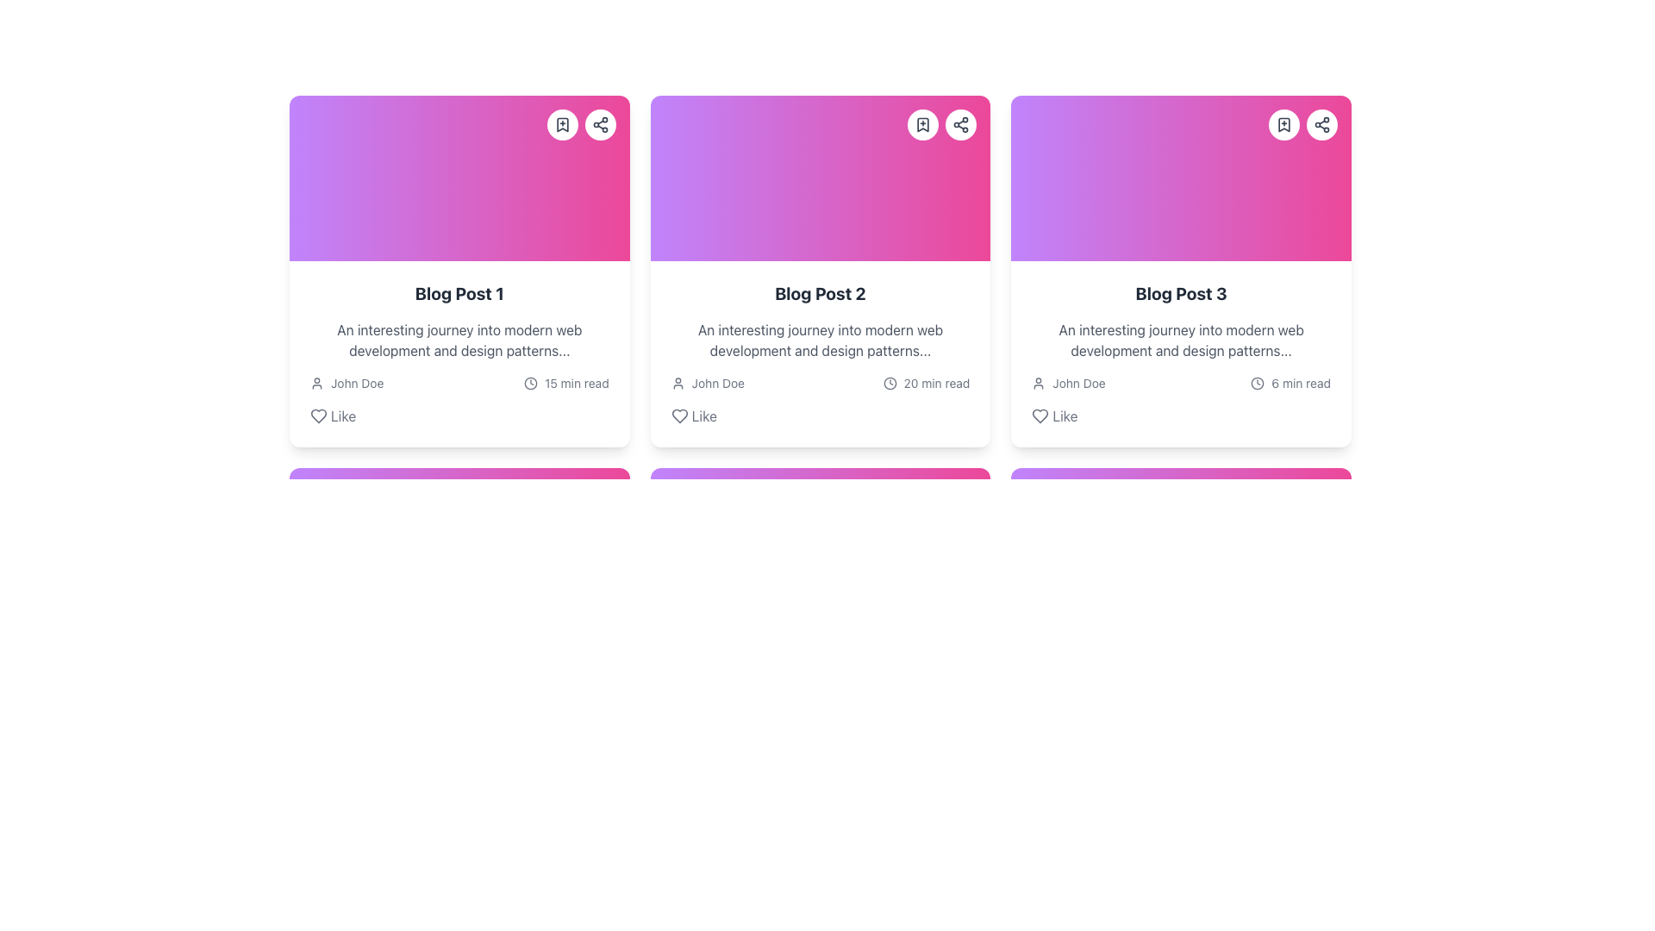 The image size is (1655, 931). What do you see at coordinates (1180, 272) in the screenshot?
I see `the blog post summary card located in the top-right corner of the grid layout` at bounding box center [1180, 272].